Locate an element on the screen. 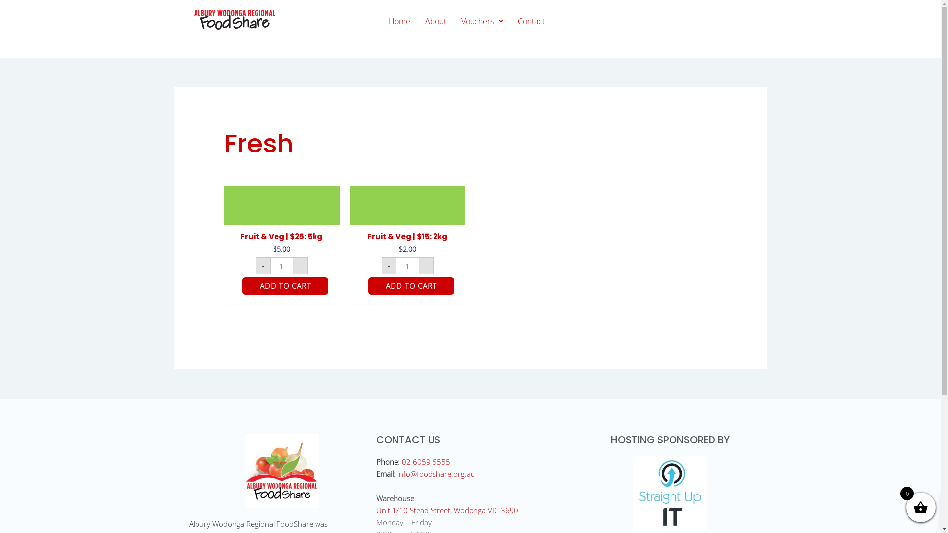 The width and height of the screenshot is (948, 533). 'Unit 1/10 Stead Street, Wodonga VIC 3690' is located at coordinates (447, 510).